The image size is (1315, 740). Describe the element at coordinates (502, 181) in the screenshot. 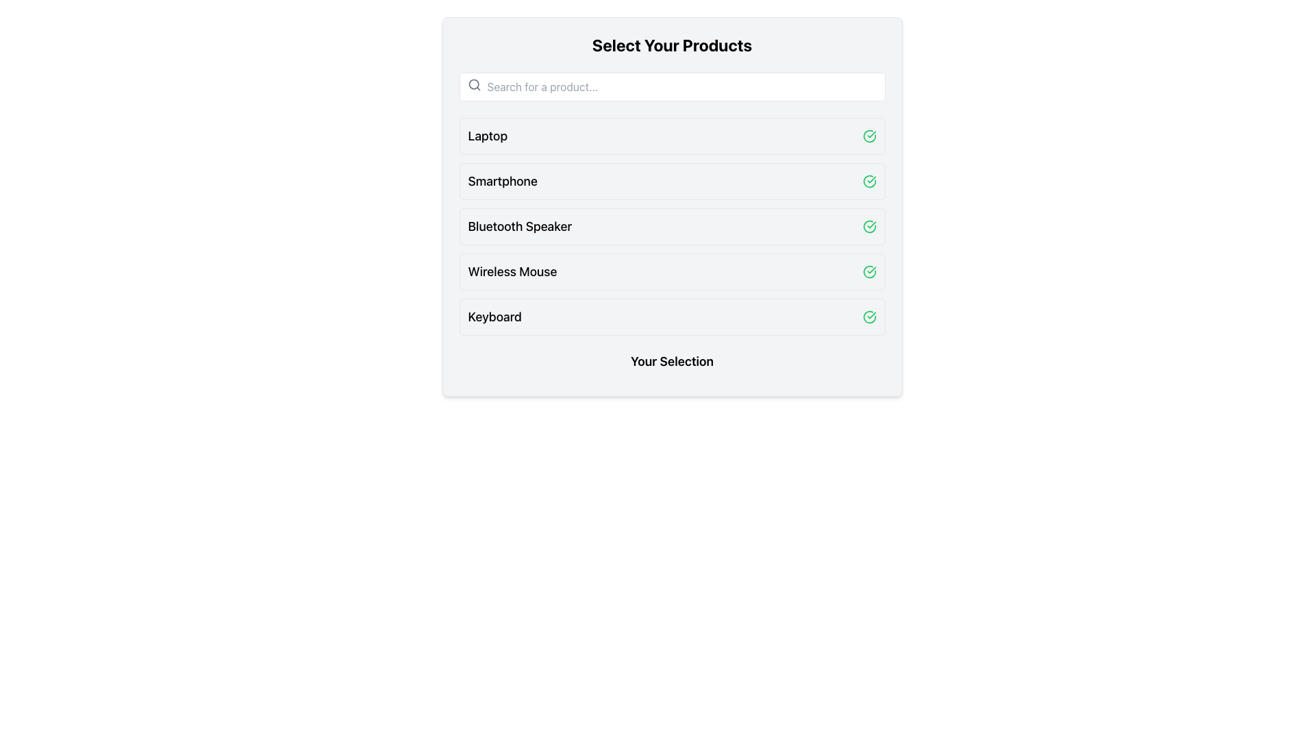

I see `the second selectable product option label located under 'Select Your Products', which is positioned between 'Laptop' and 'Bluetooth Speaker'` at that location.